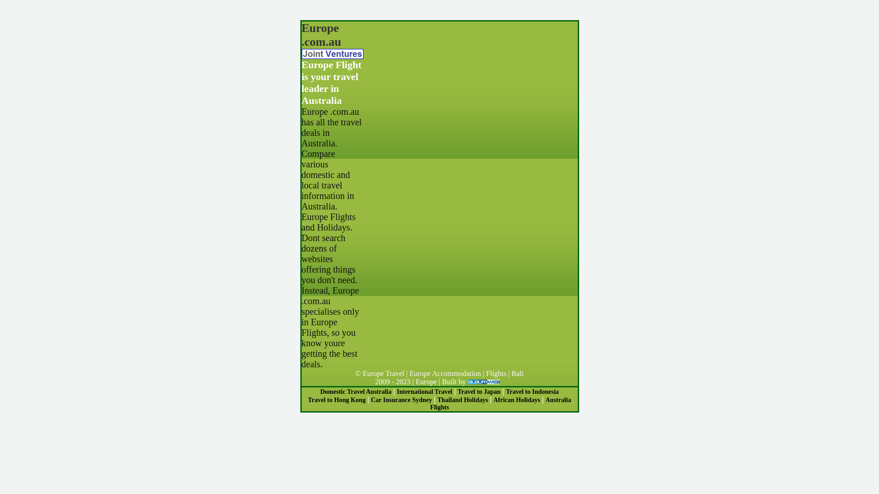 This screenshot has width=879, height=494. I want to click on 'Car Insurance Sydney', so click(402, 399).